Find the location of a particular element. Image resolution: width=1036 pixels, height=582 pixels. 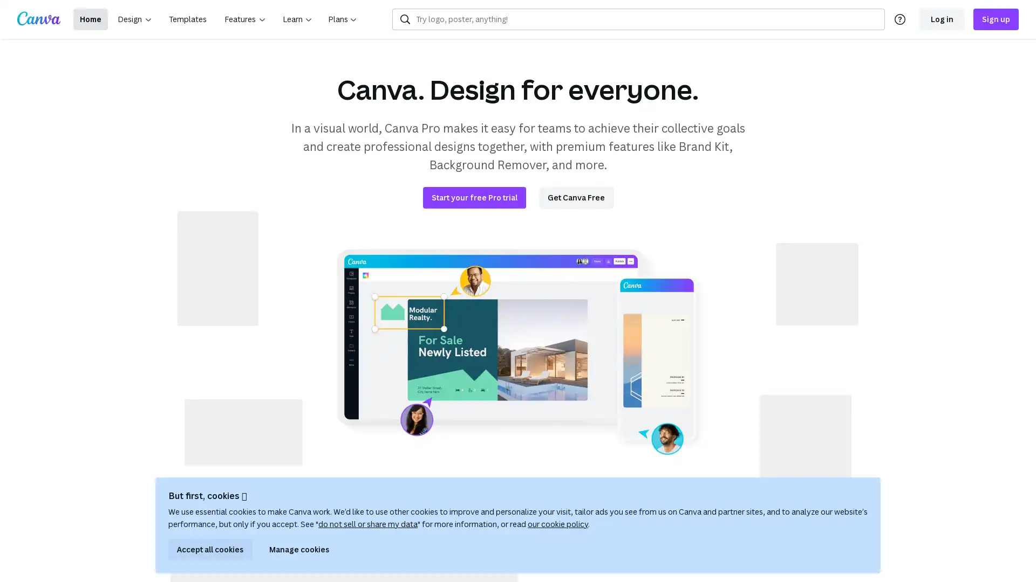

Log in is located at coordinates (942, 19).